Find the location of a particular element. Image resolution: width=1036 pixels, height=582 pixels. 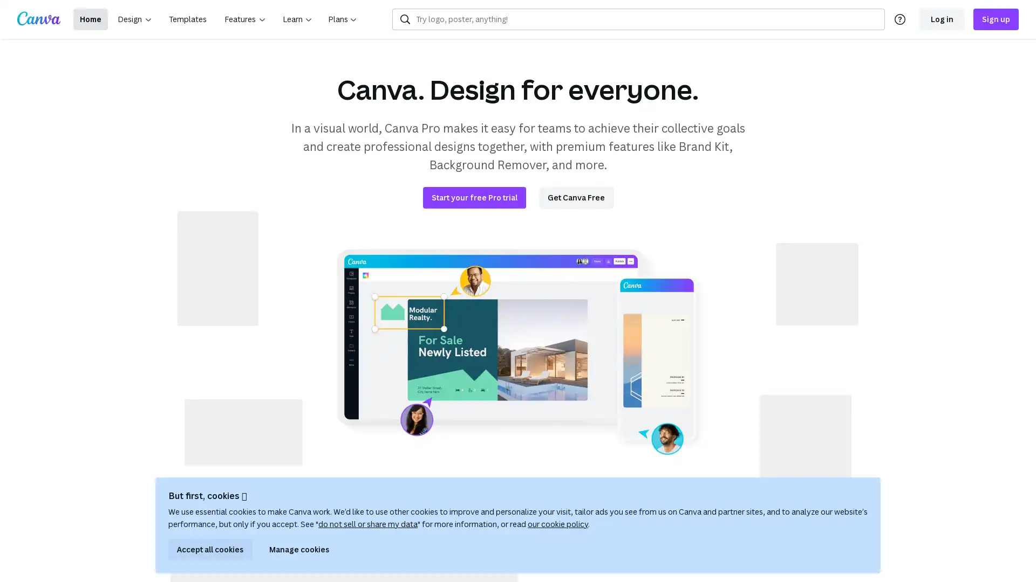

Log in is located at coordinates (942, 19).